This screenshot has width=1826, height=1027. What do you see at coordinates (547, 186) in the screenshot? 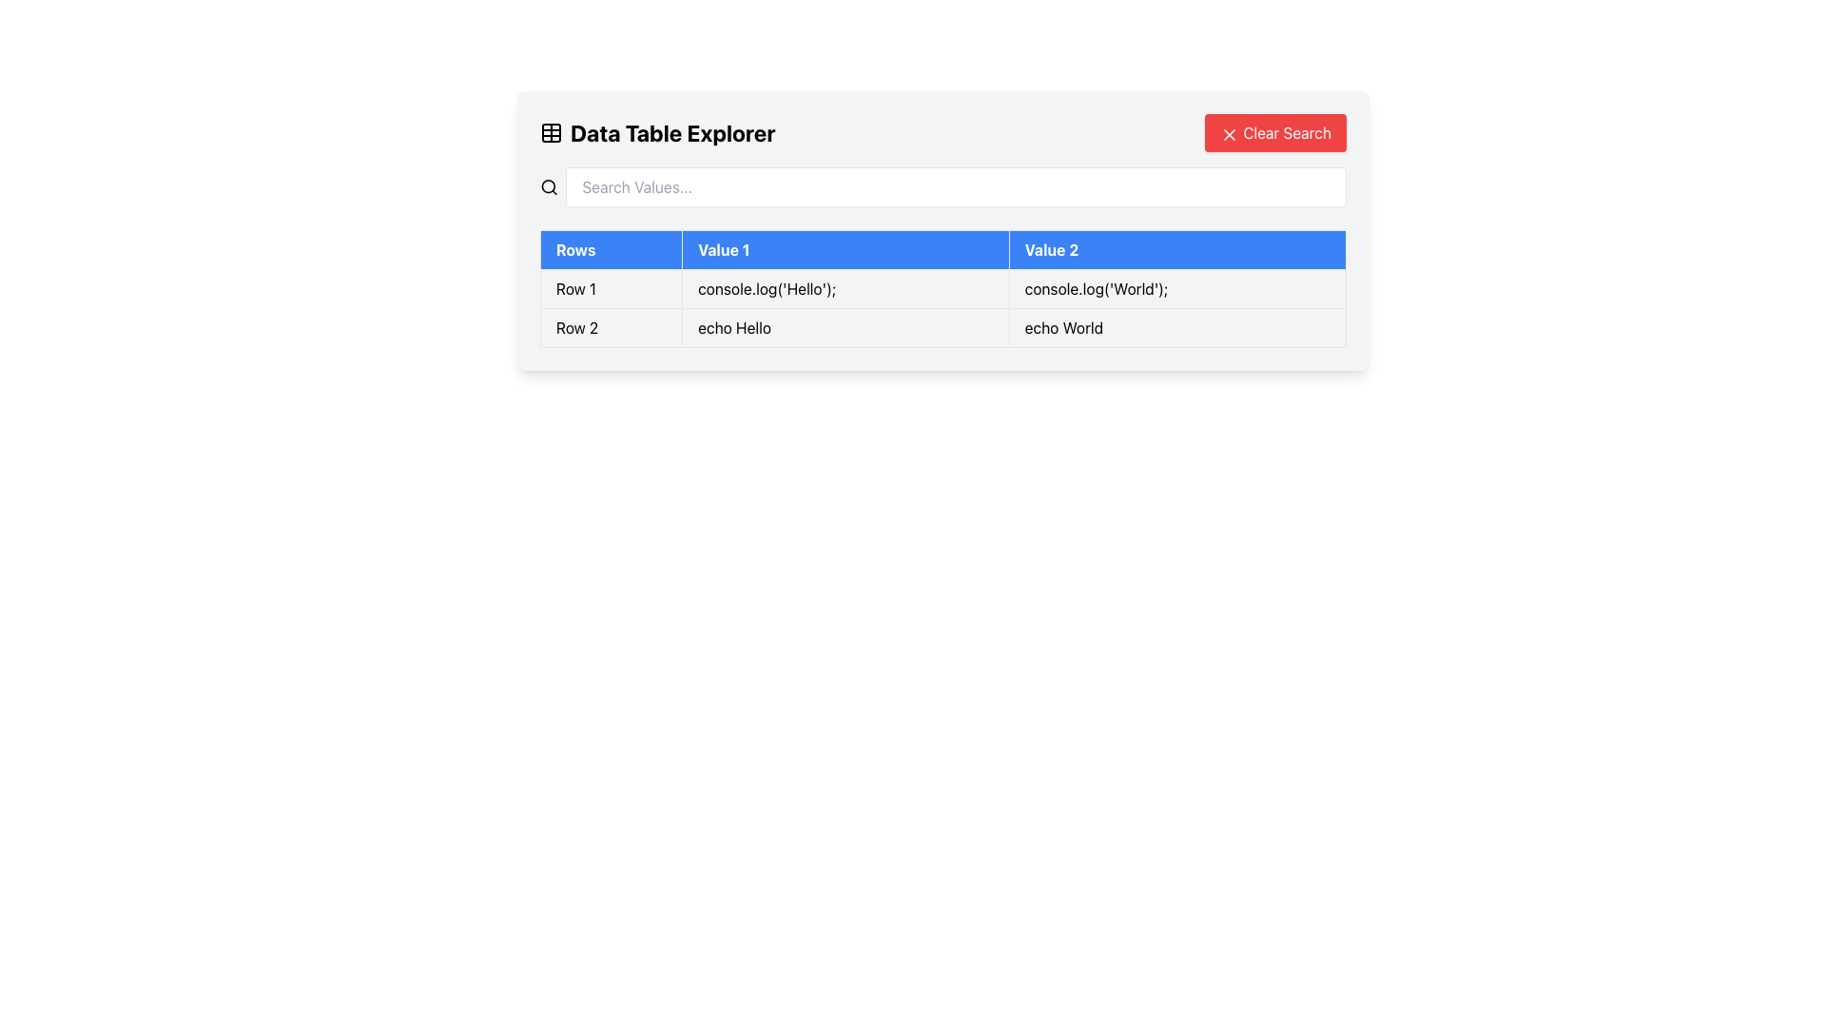
I see `the decorative SVG Circle that is part of the magnifying glass icon located in the top left corner of the 'Data Table Explorer' panel to symbolize search functionality` at bounding box center [547, 186].